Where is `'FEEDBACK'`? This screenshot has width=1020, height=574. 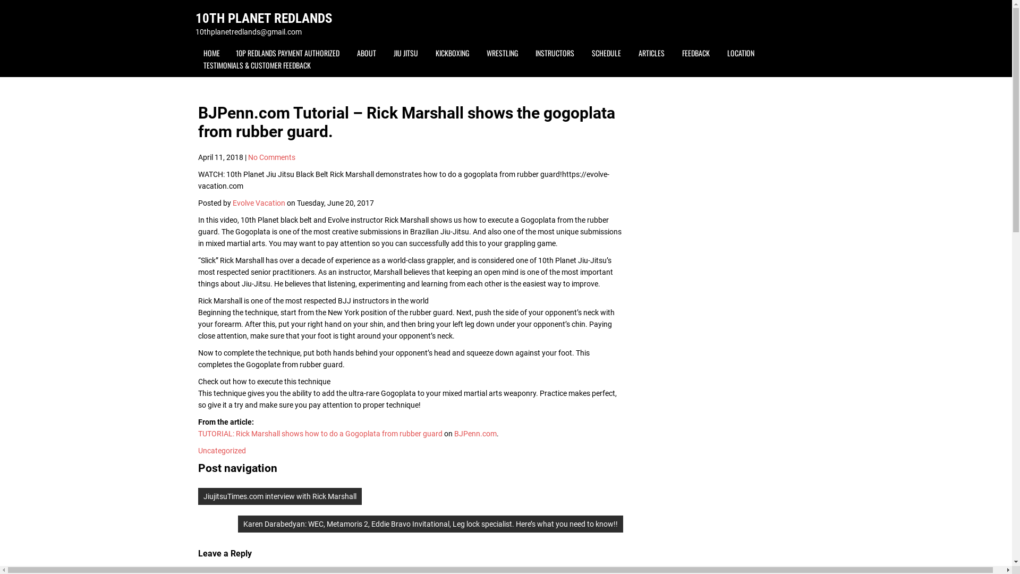
'FEEDBACK' is located at coordinates (695, 53).